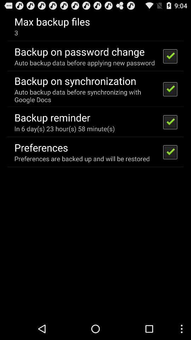  I want to click on app above preferences icon, so click(64, 128).